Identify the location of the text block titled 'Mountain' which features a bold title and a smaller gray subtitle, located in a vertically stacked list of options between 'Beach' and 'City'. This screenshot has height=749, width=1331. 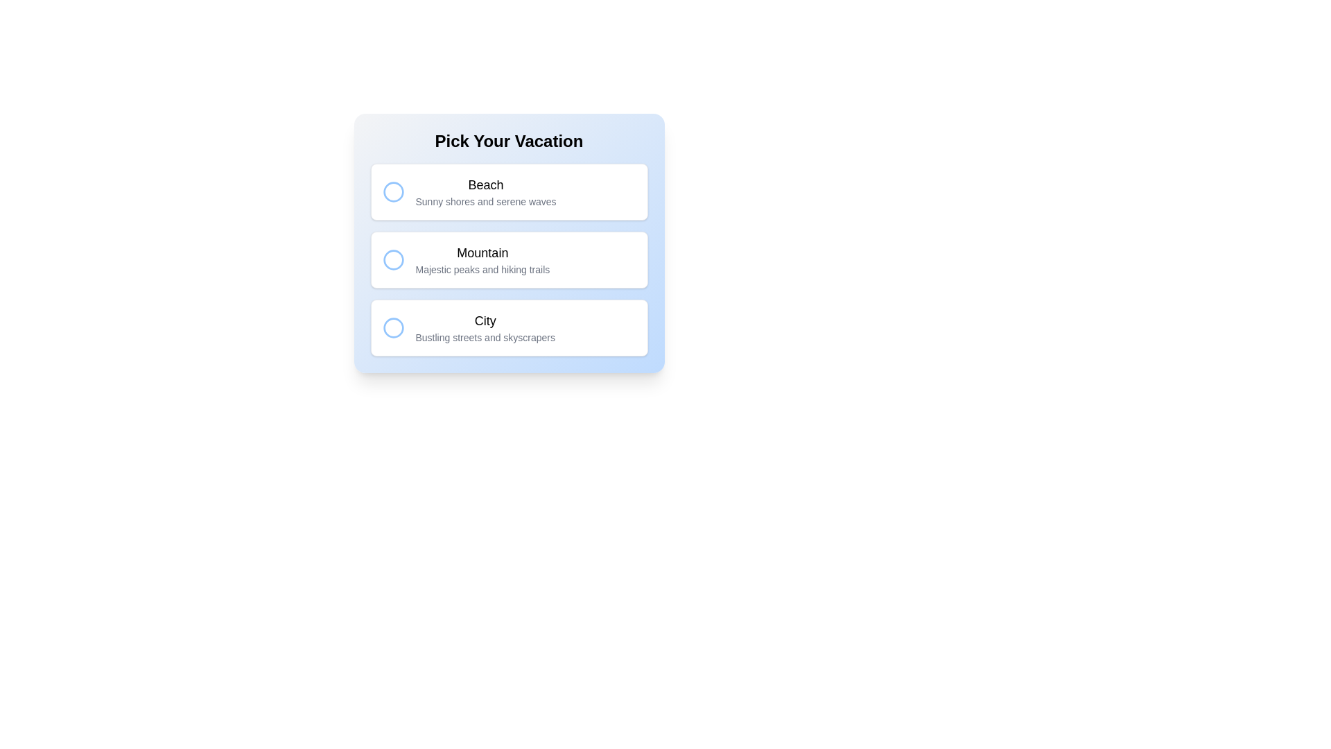
(482, 259).